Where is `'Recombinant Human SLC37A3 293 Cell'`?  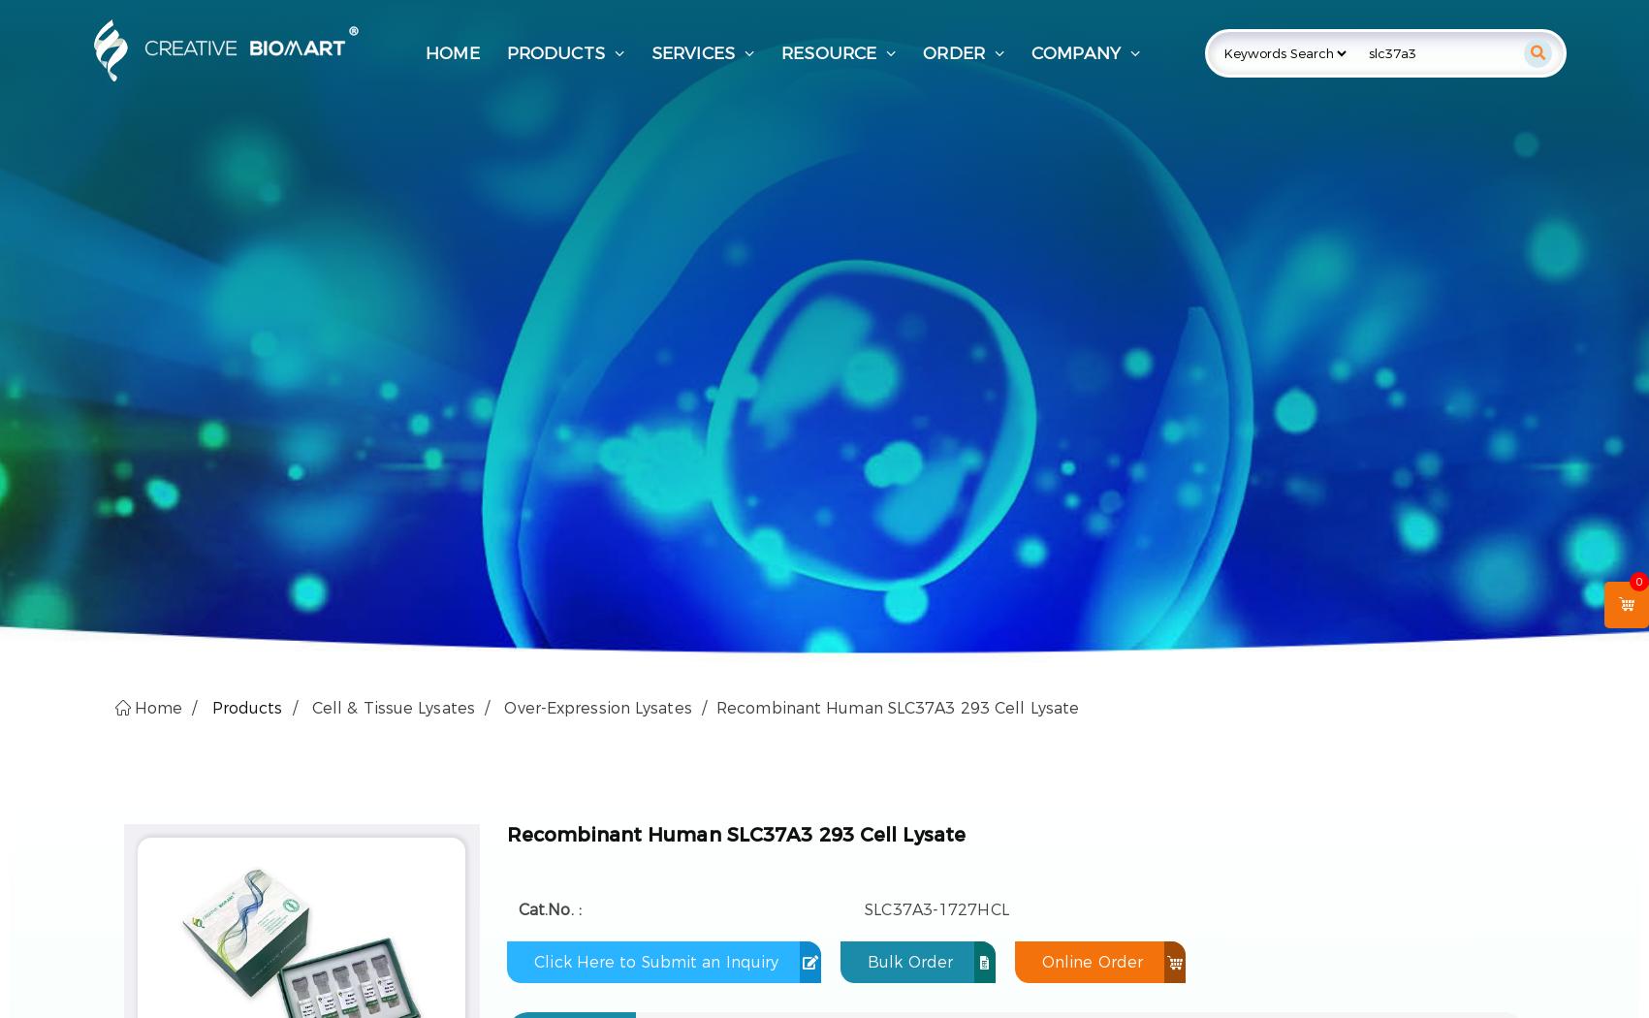
'Recombinant Human SLC37A3 293 Cell' is located at coordinates (703, 833).